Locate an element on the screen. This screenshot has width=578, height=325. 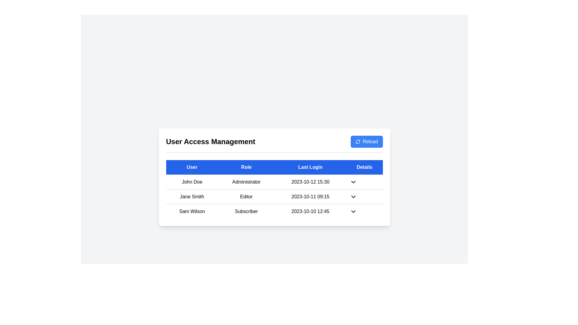
text displayed in the first column of the first row in the user access management table, which identifies an individual is located at coordinates (192, 182).